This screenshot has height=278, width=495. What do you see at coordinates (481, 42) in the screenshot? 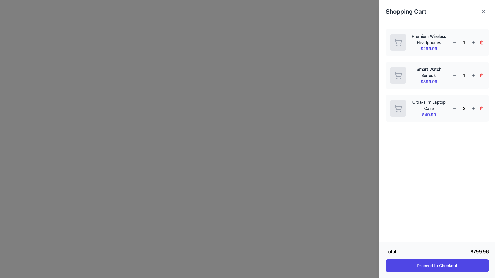
I see `the delete button located at the far right of the controls for 'Premium Wireless Headphones'` at bounding box center [481, 42].